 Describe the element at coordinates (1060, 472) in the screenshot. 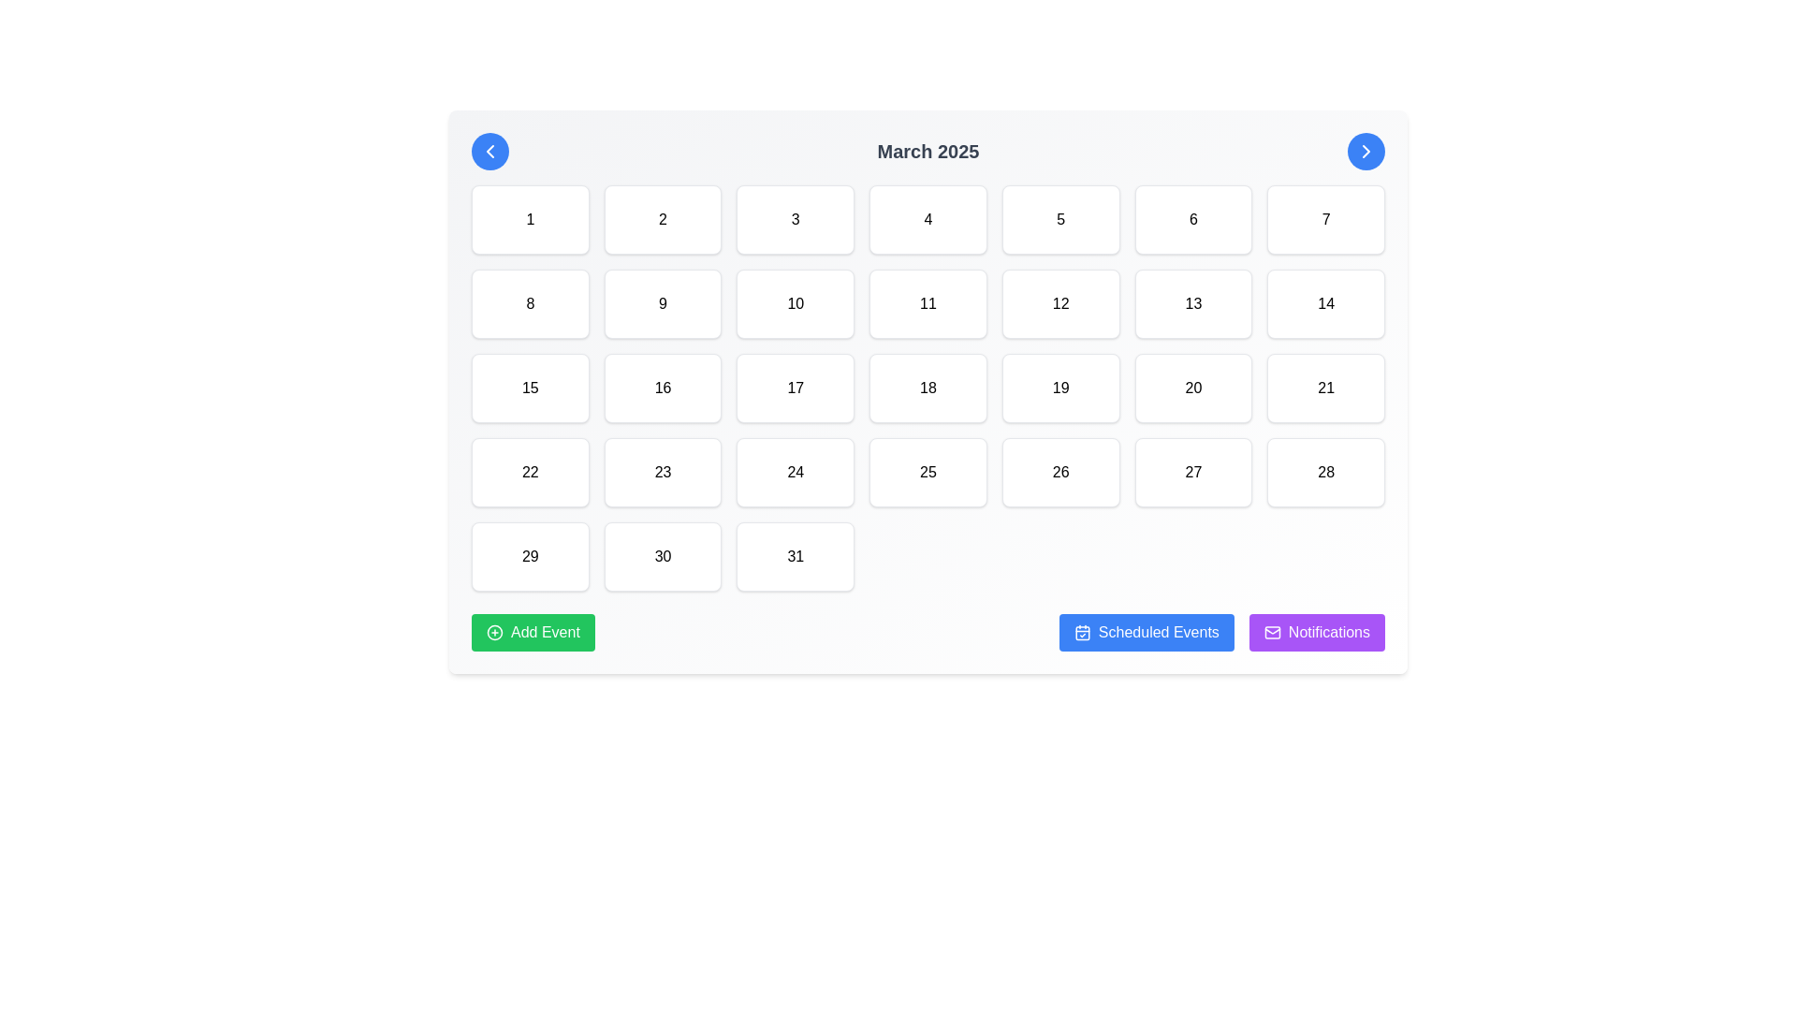

I see `the text box containing the number '26' to trigger a tooltip or highlight` at that location.